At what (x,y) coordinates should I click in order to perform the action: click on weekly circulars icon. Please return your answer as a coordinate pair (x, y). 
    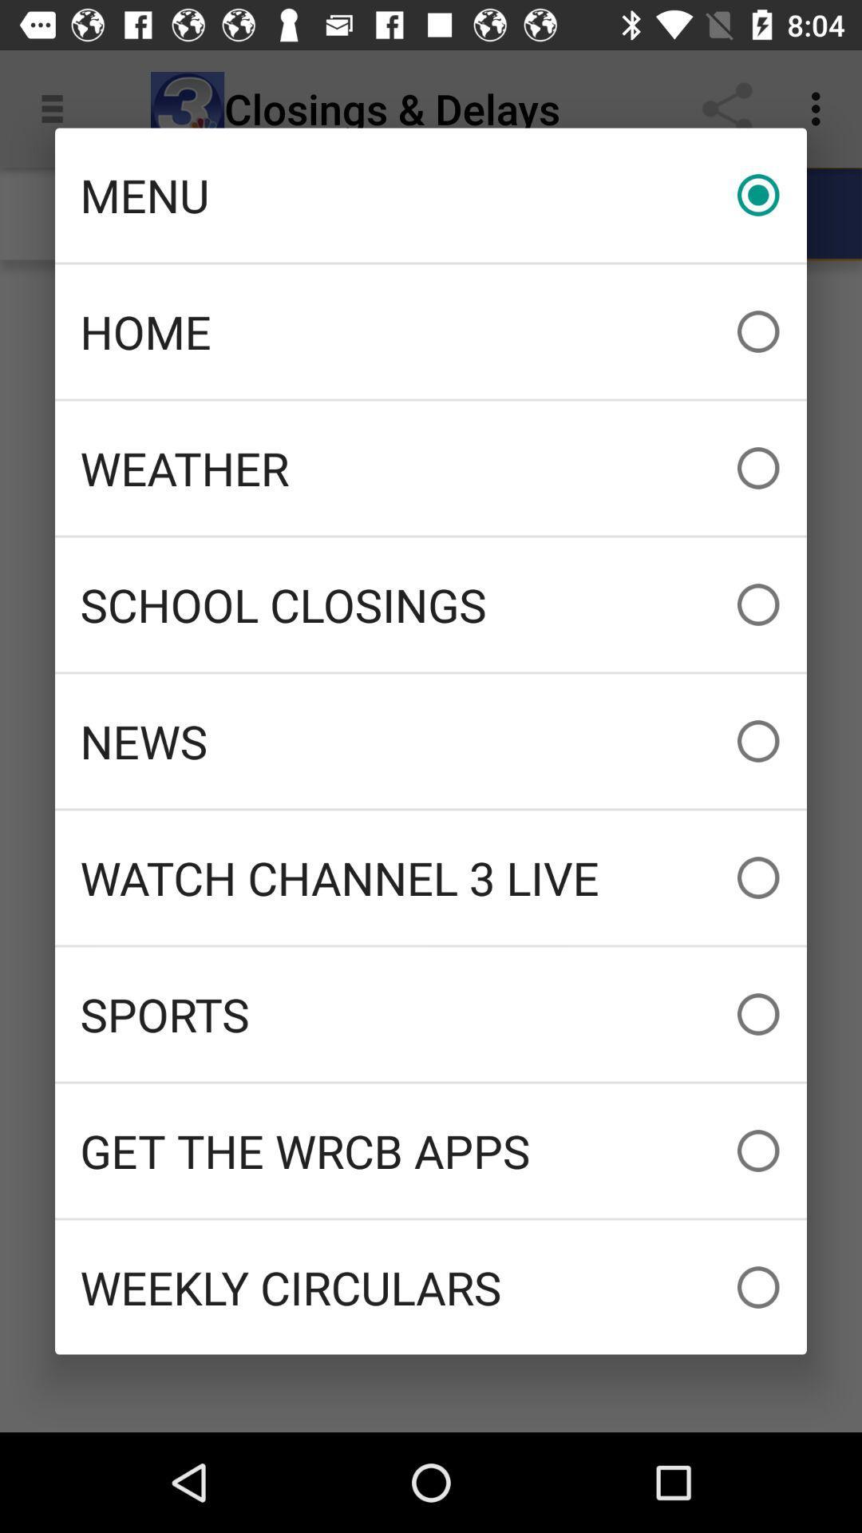
    Looking at the image, I should click on (431, 1287).